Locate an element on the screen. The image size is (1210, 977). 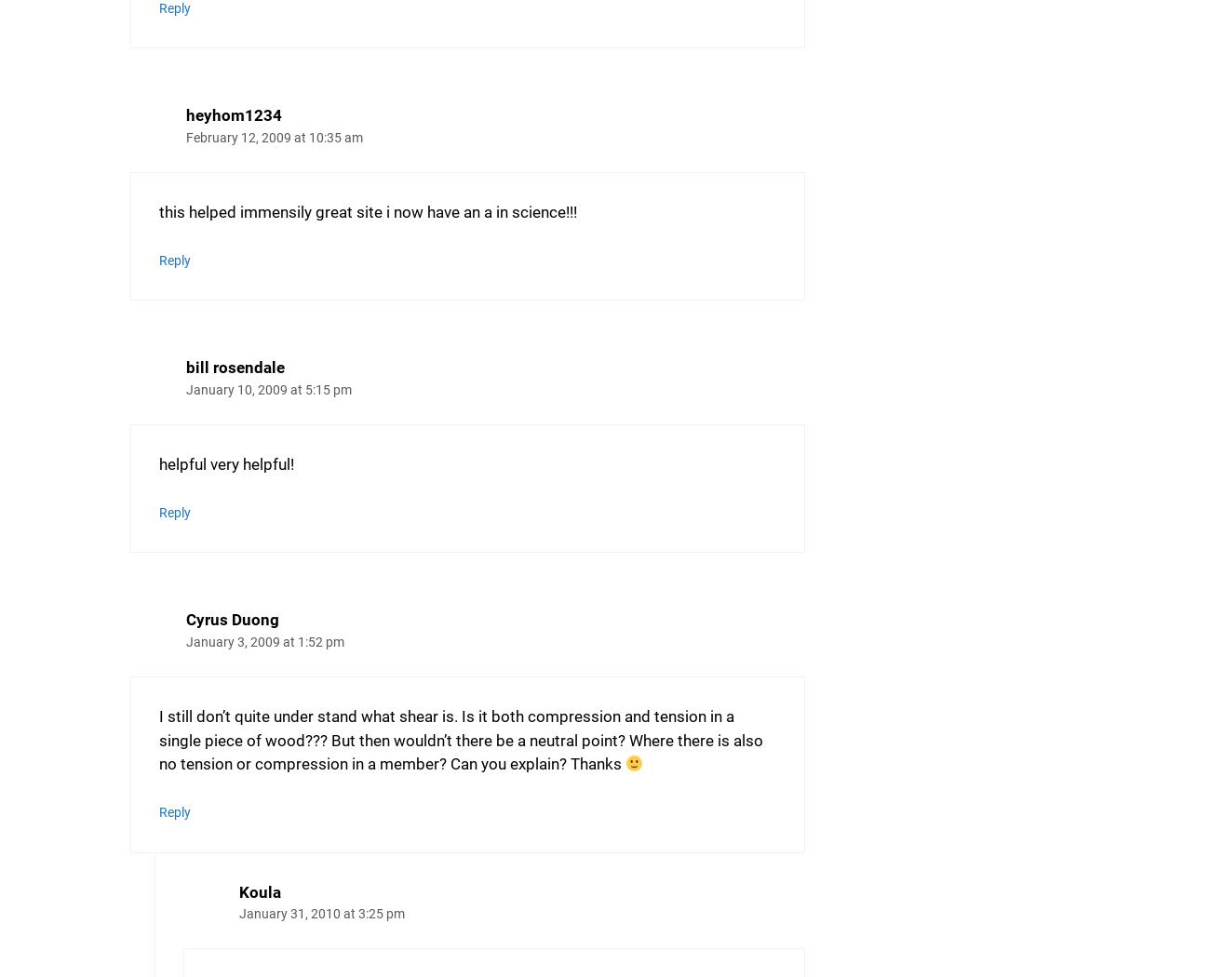
'helpful very helpful!' is located at coordinates (158, 462).